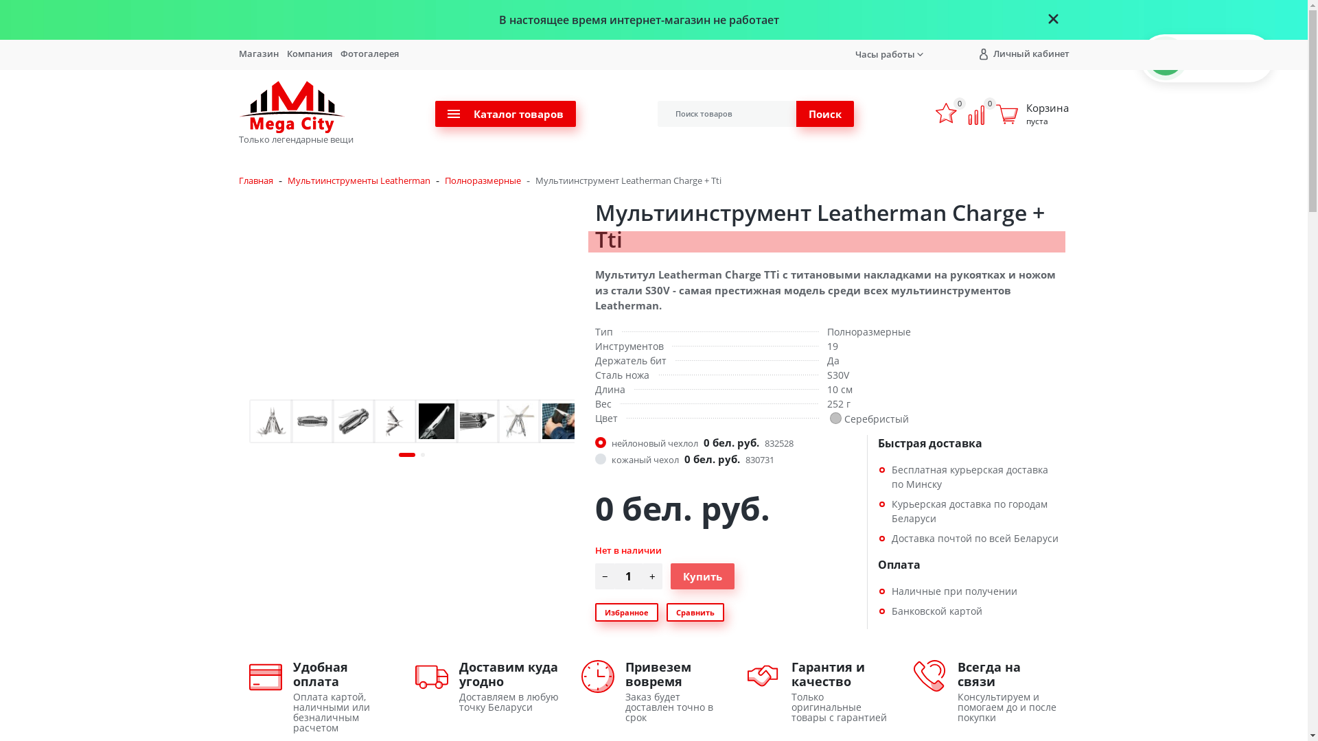 This screenshot has height=741, width=1318. Describe the element at coordinates (560, 420) in the screenshot. I see `'7-charge-tti-gut-hook.jpg'` at that location.